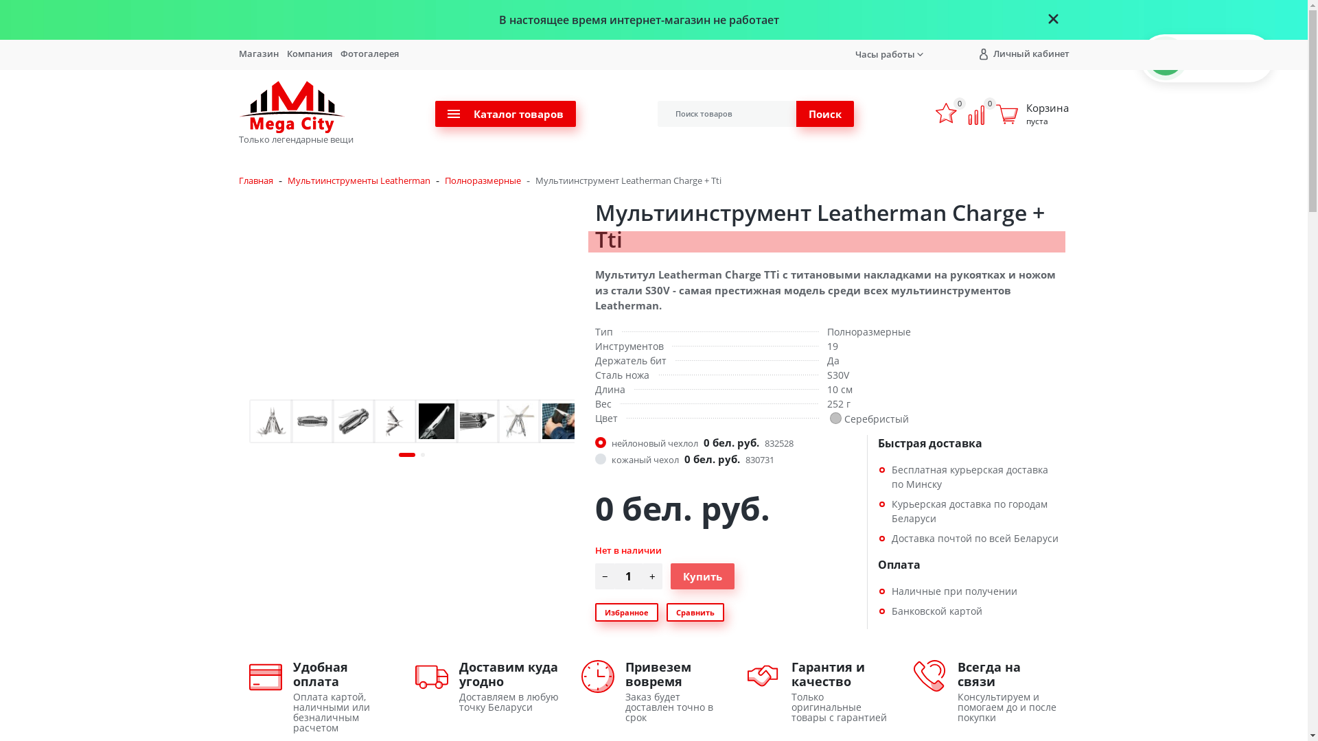 This screenshot has height=741, width=1318. Describe the element at coordinates (560, 420) in the screenshot. I see `'7-charge-tti-gut-hook.jpg'` at that location.